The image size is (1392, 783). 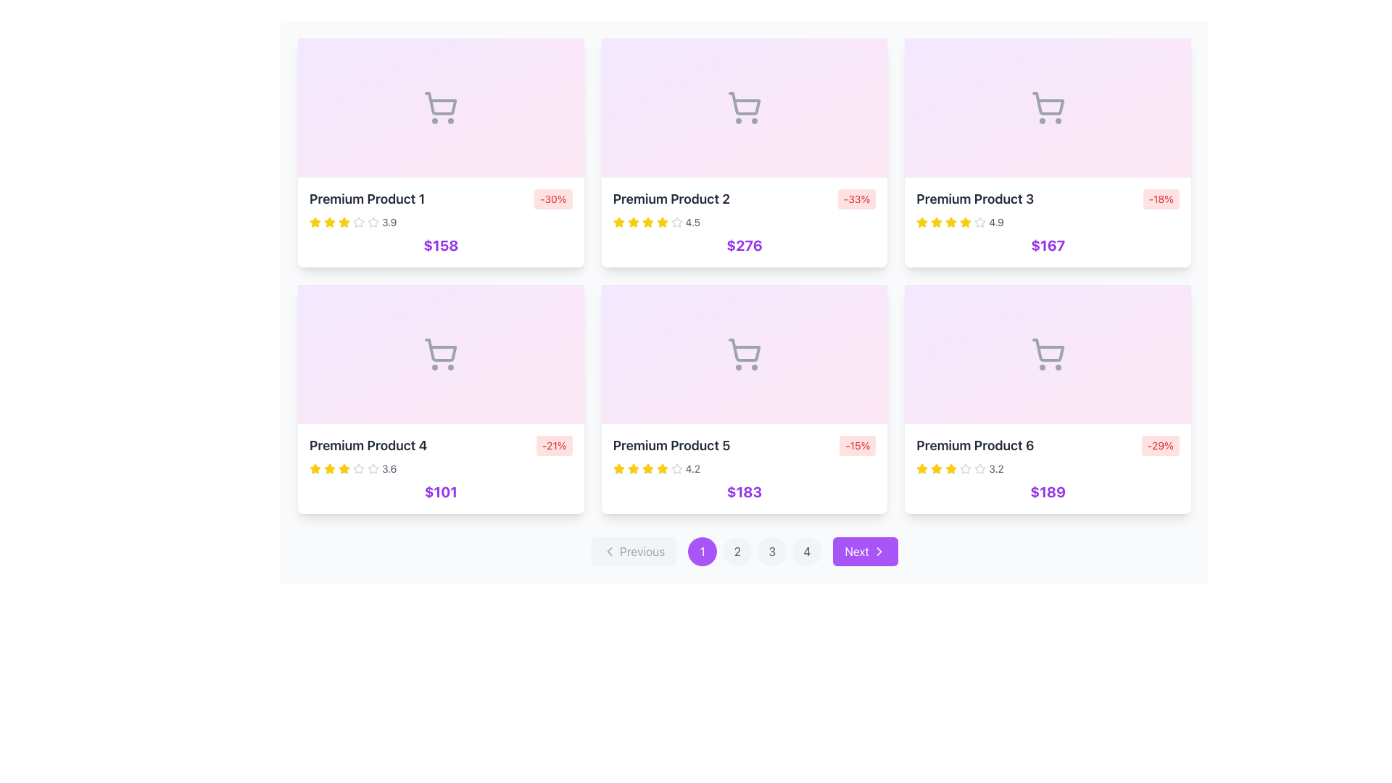 What do you see at coordinates (745, 355) in the screenshot?
I see `the shopping cart icon located in the middle section of the 'Premium Product 5' card to initiate an action` at bounding box center [745, 355].